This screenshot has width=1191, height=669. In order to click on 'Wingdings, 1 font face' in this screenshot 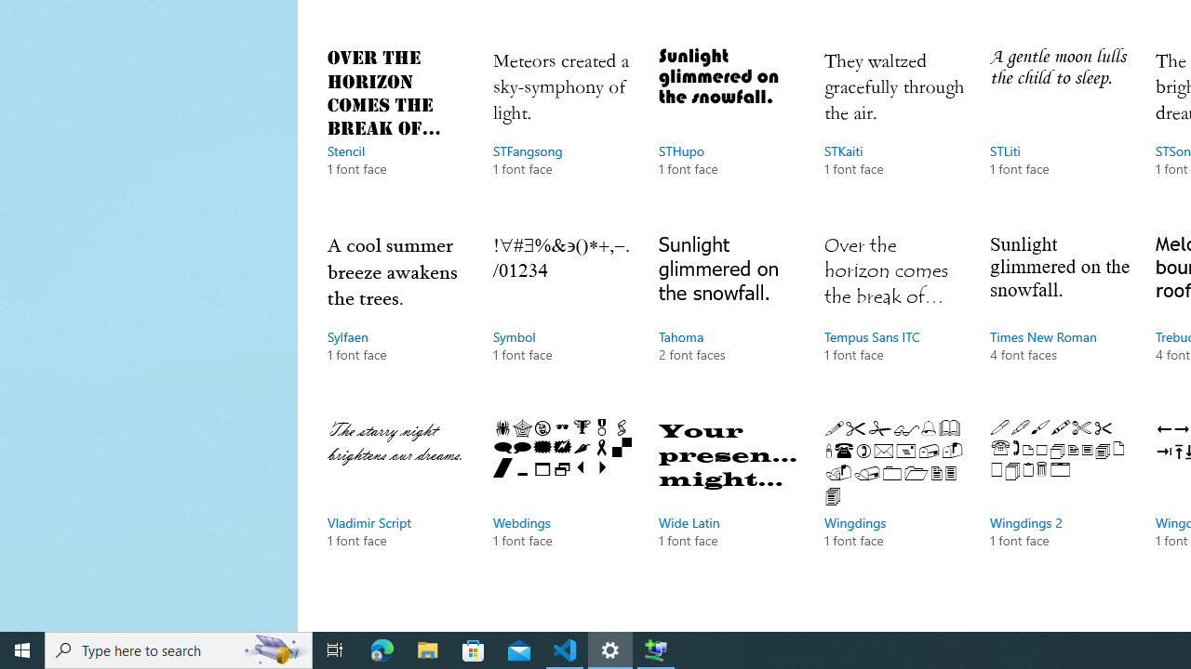, I will do `click(894, 502)`.